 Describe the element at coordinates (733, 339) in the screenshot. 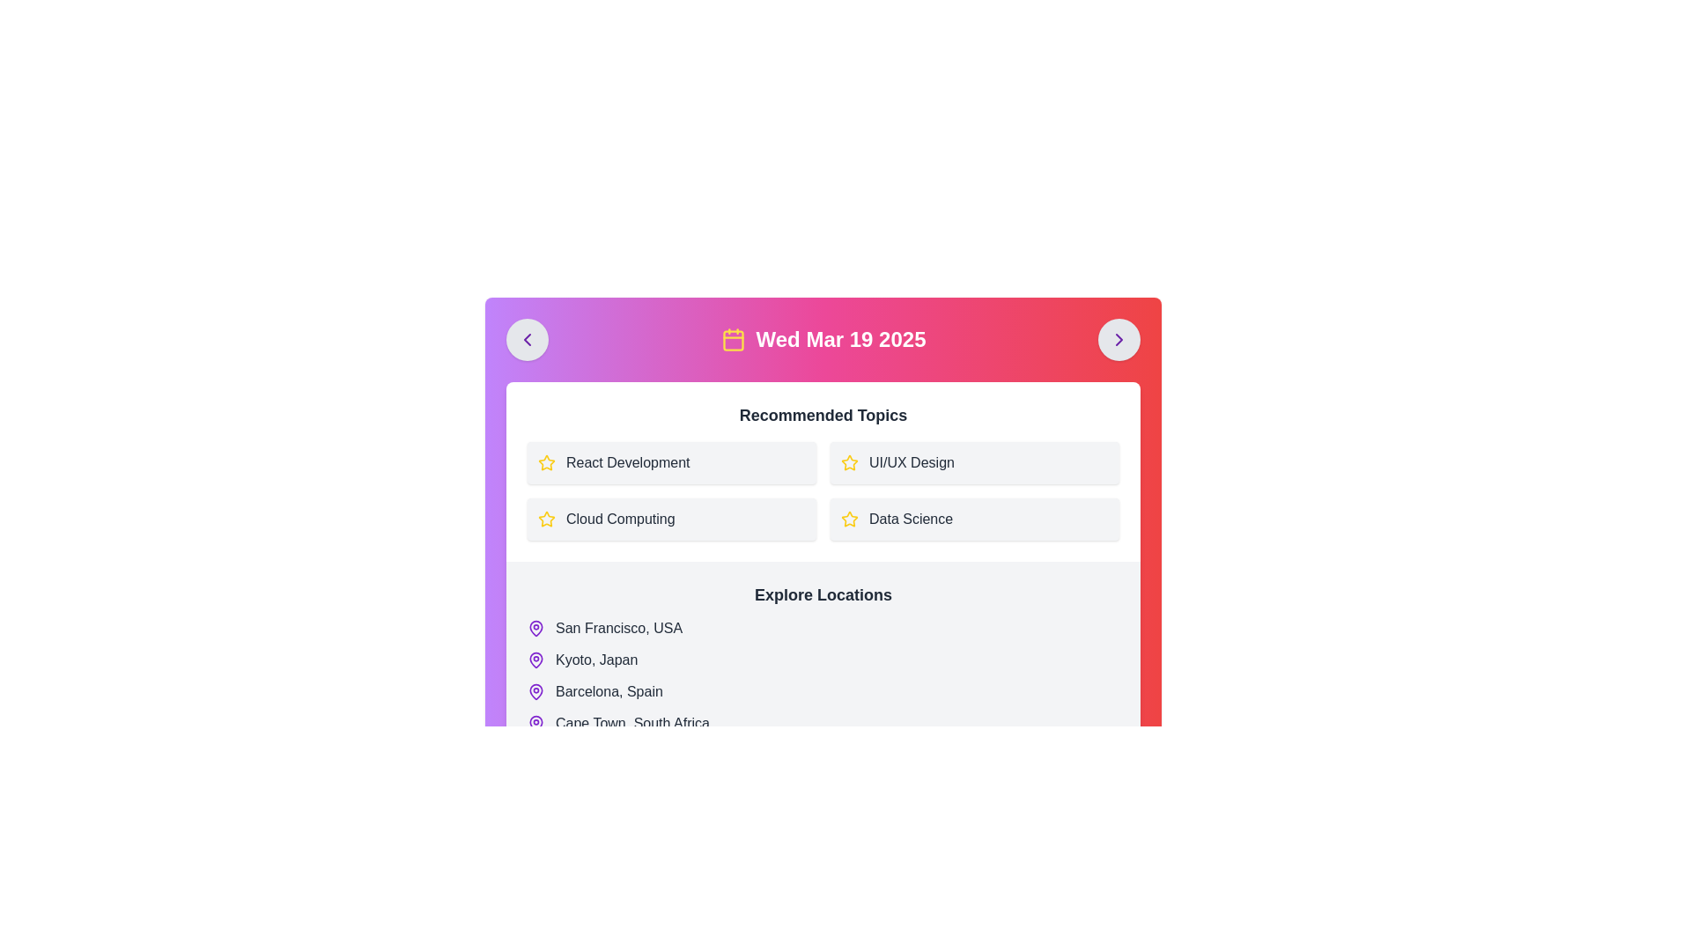

I see `the calendar icon with a yellow outline located to the left of the date text 'Wed Mar 19 2025' in the header` at that location.